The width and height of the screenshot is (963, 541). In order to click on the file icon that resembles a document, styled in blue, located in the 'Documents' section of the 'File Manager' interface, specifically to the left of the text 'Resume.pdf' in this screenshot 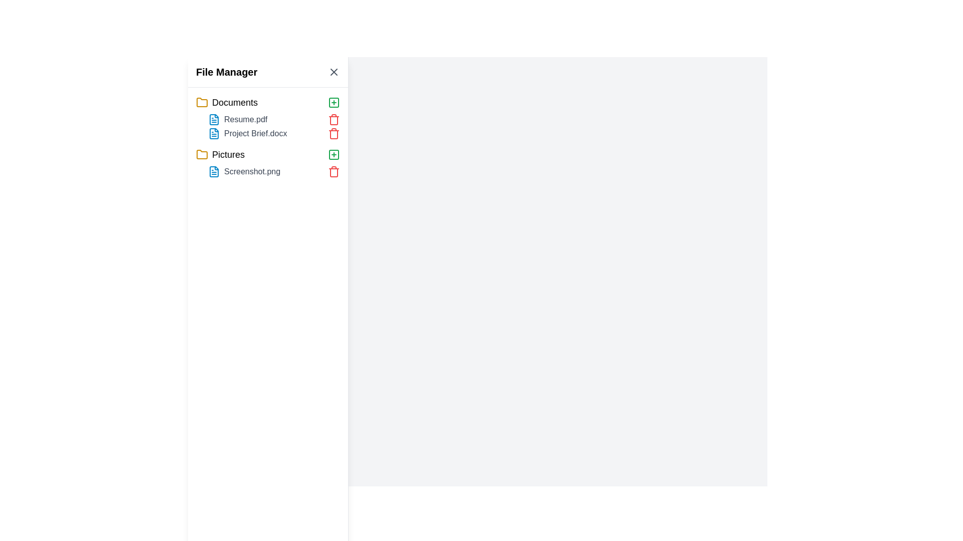, I will do `click(214, 119)`.